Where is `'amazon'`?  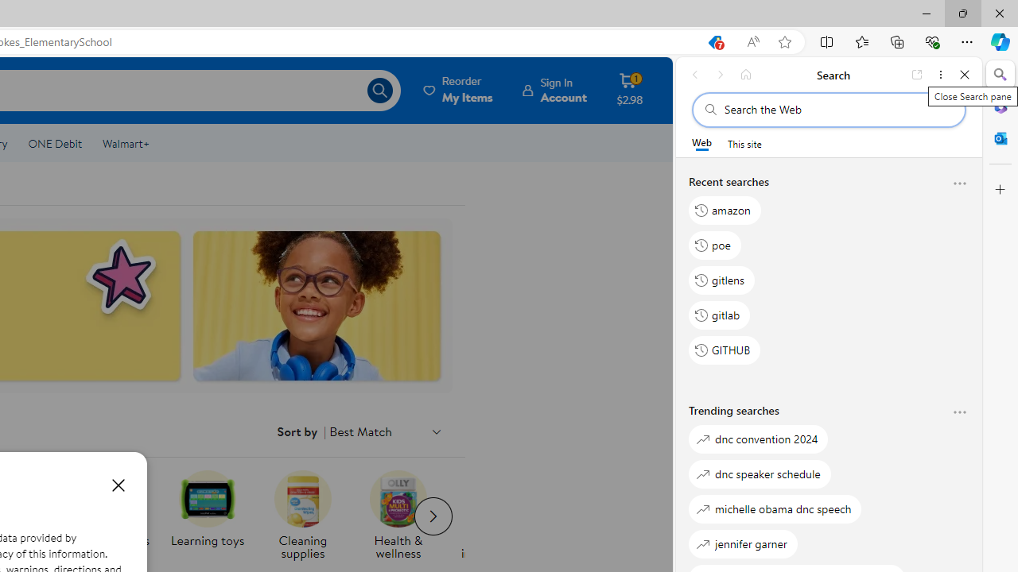
'amazon' is located at coordinates (725, 209).